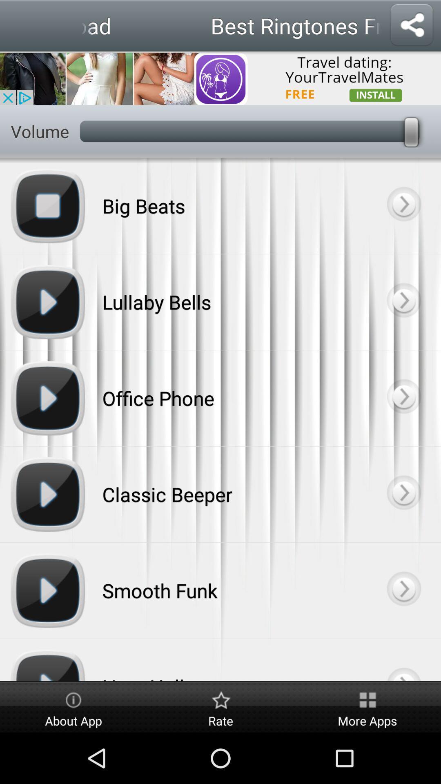 The image size is (441, 784). What do you see at coordinates (220, 78) in the screenshot?
I see `search about add` at bounding box center [220, 78].